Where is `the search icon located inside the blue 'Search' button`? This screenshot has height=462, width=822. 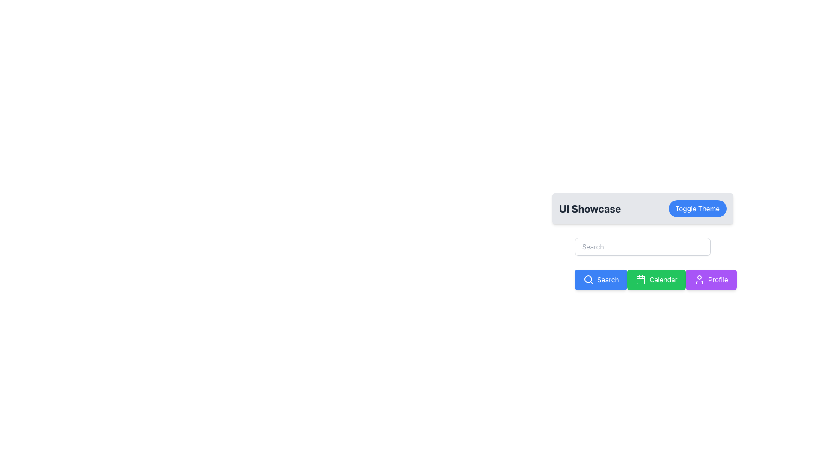
the search icon located inside the blue 'Search' button is located at coordinates (588, 280).